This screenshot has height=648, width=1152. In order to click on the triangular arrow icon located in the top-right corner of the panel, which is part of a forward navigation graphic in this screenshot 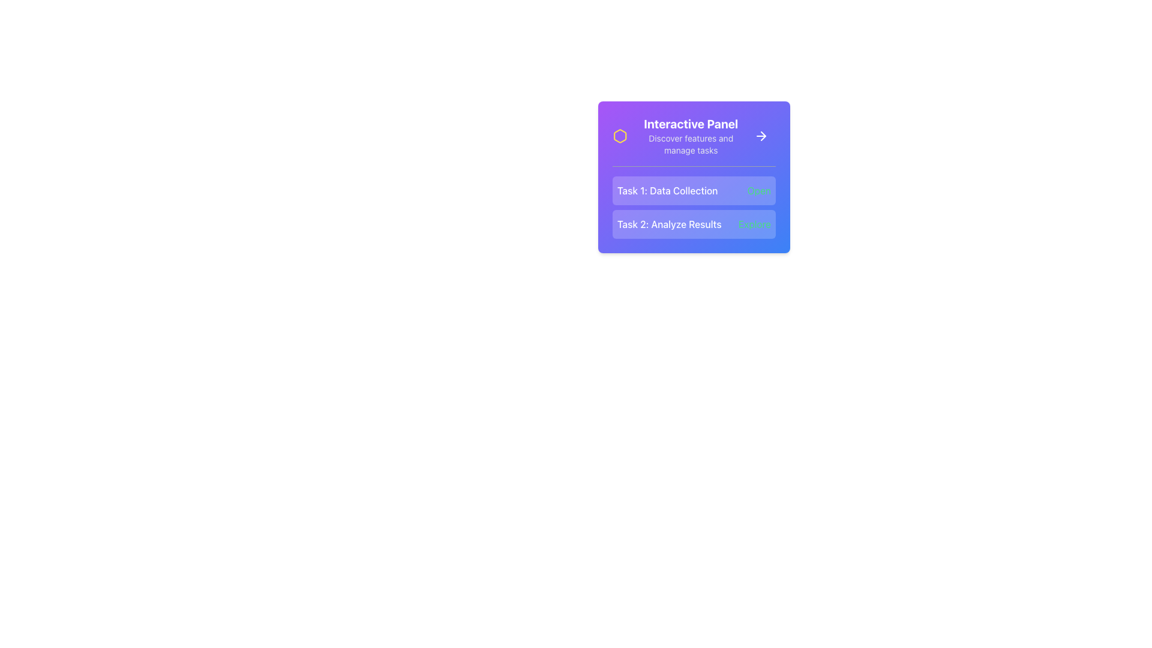, I will do `click(763, 136)`.